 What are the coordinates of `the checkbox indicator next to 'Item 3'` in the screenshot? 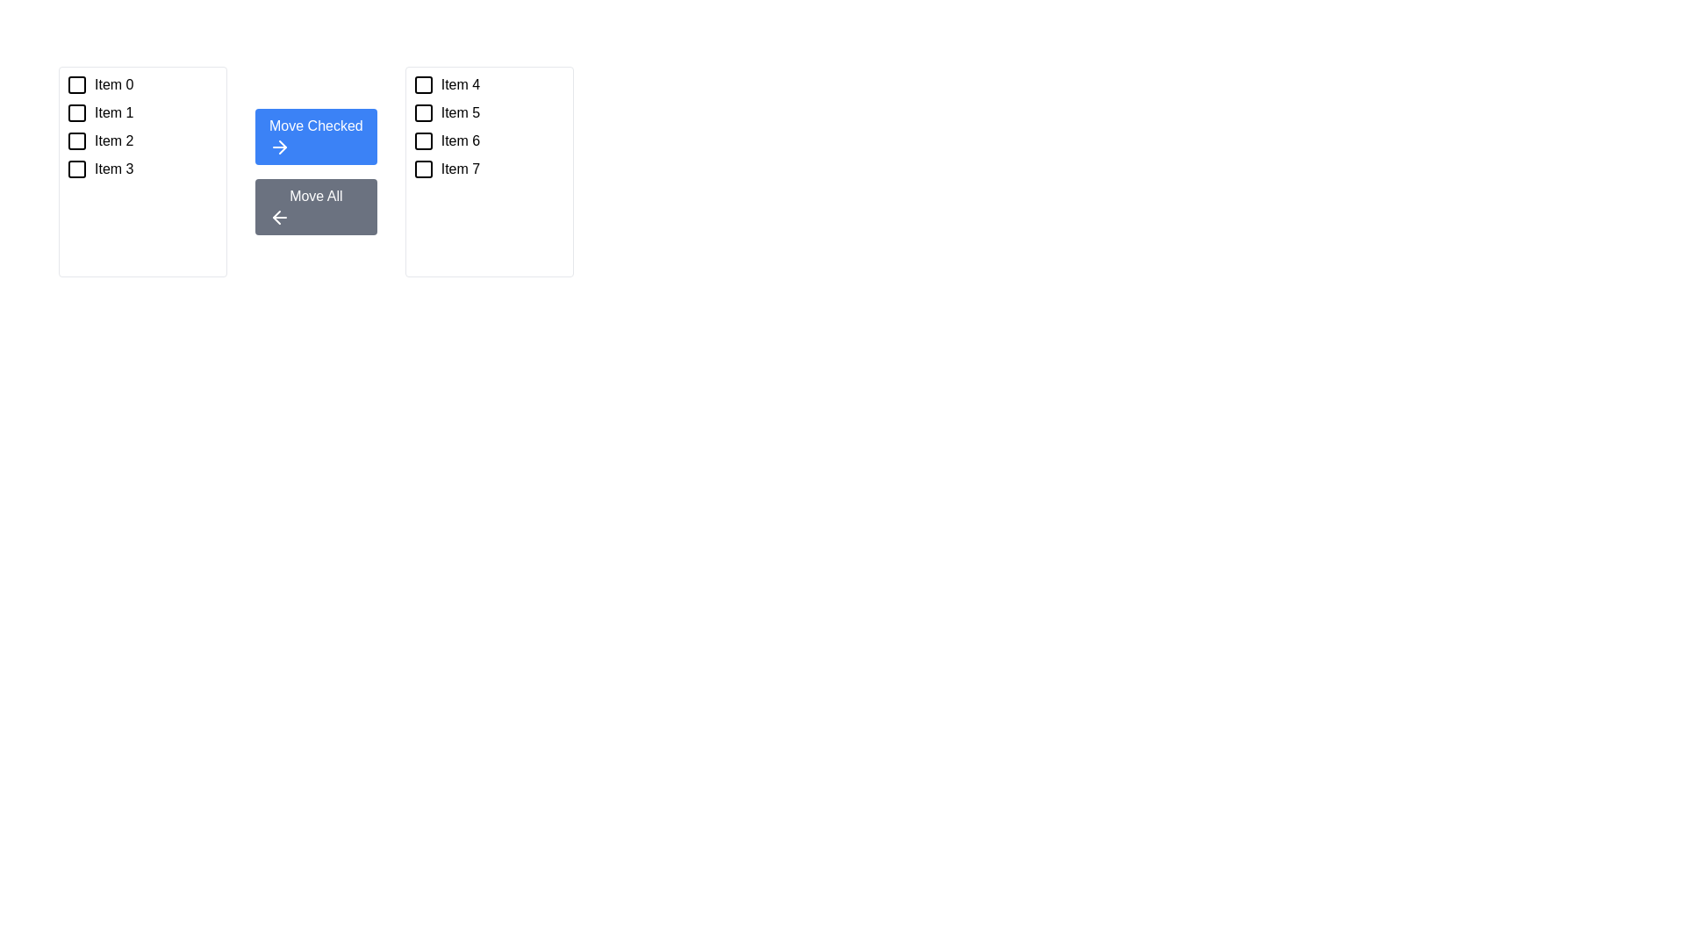 It's located at (75, 169).